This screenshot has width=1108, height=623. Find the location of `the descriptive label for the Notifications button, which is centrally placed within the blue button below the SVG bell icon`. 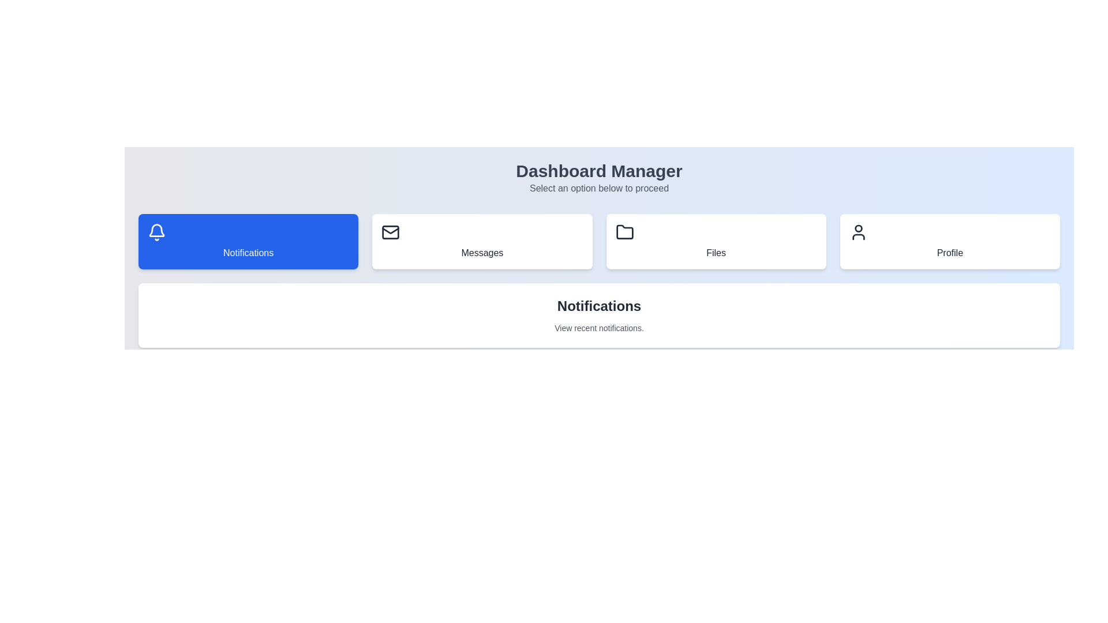

the descriptive label for the Notifications button, which is centrally placed within the blue button below the SVG bell icon is located at coordinates (248, 253).